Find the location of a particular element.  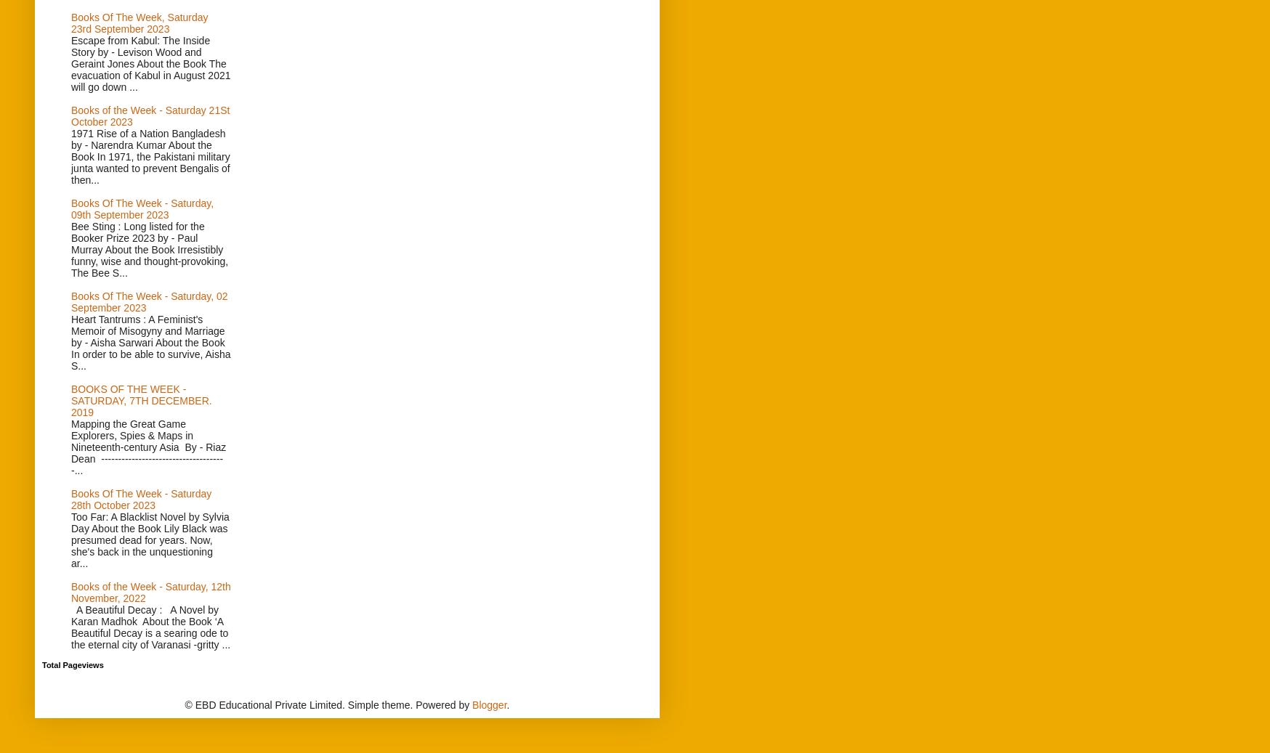

'Blogger' is located at coordinates (489, 705).